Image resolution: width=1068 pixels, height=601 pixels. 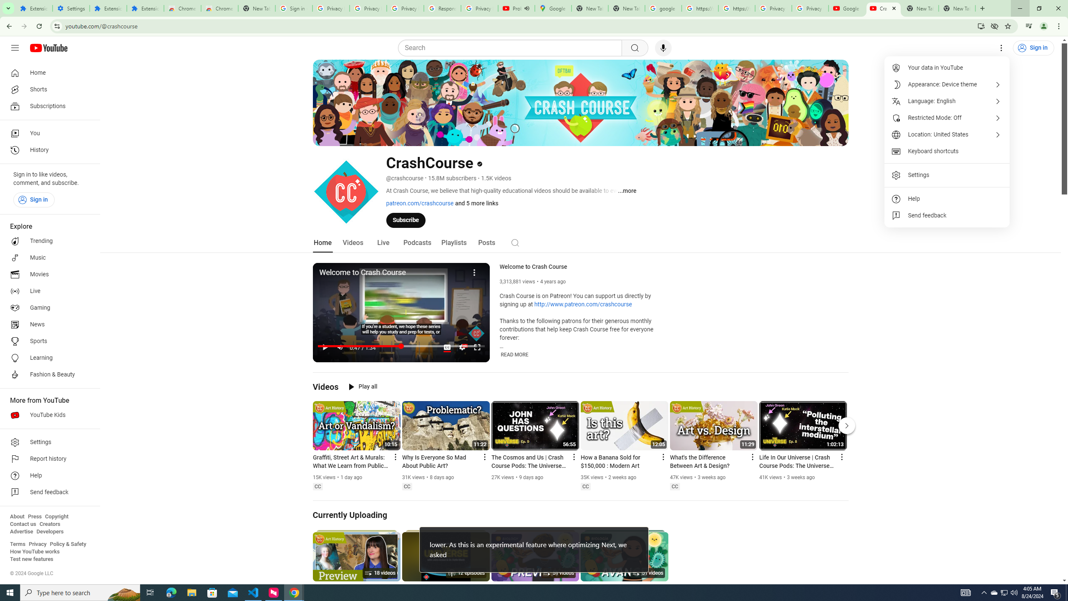 I want to click on 'Contact us', so click(x=23, y=524).